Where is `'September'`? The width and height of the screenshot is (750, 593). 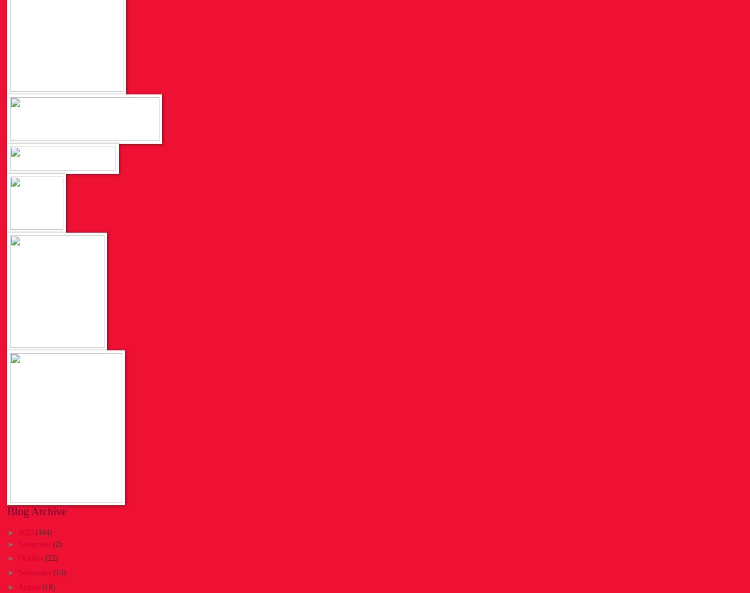 'September' is located at coordinates (35, 572).